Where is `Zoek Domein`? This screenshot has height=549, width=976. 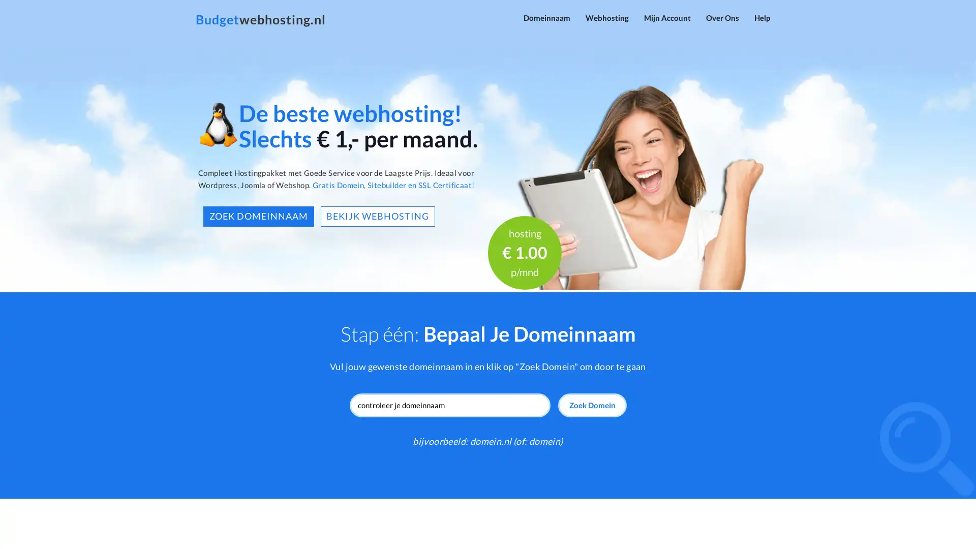 Zoek Domein is located at coordinates (592, 405).